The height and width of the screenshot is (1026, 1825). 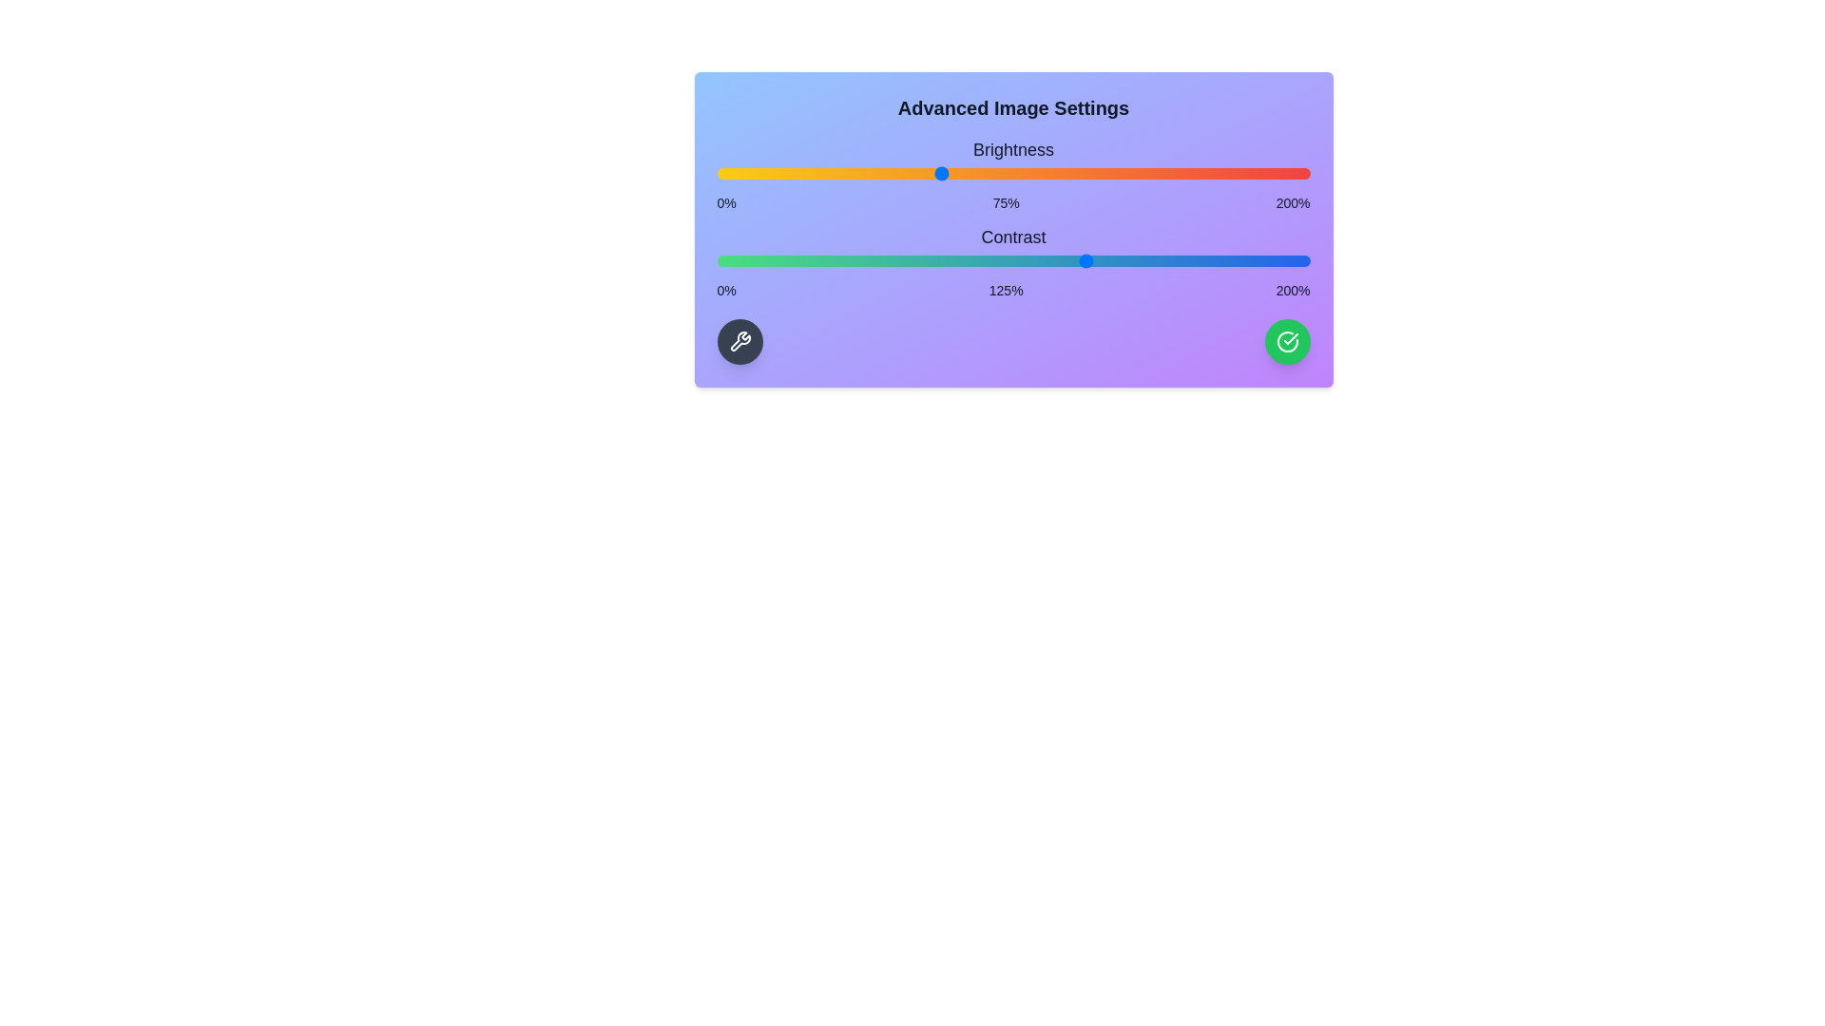 What do you see at coordinates (1271, 173) in the screenshot?
I see `the brightness slider to 187%` at bounding box center [1271, 173].